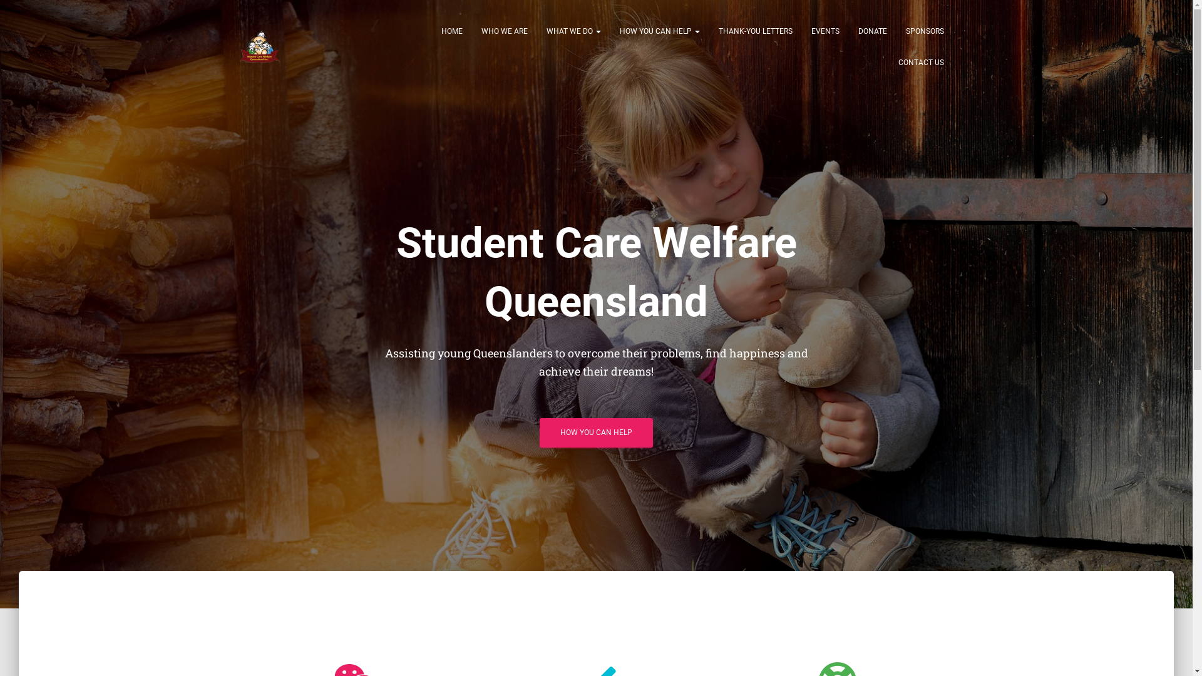 The width and height of the screenshot is (1202, 676). What do you see at coordinates (925, 31) in the screenshot?
I see `'SPONSORS'` at bounding box center [925, 31].